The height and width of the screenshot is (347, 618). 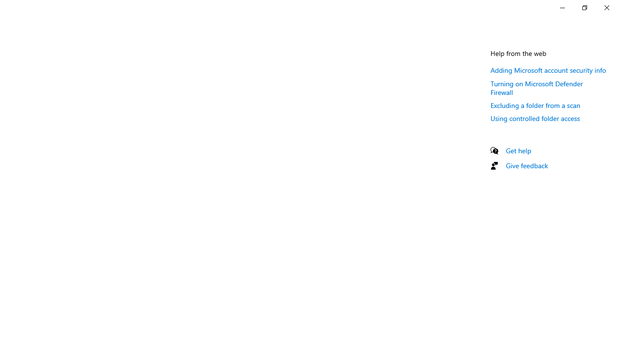 I want to click on 'Using controlled folder access', so click(x=535, y=118).